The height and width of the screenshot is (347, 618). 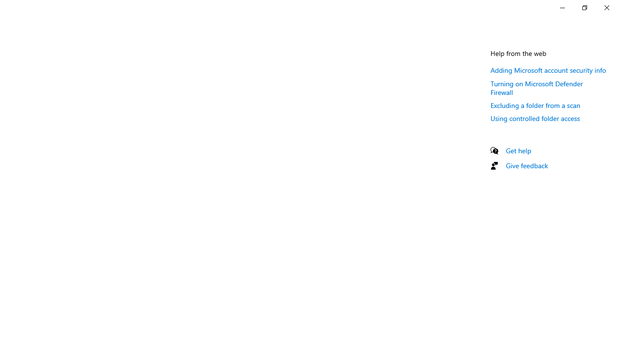 I want to click on 'Using controlled folder access', so click(x=535, y=118).